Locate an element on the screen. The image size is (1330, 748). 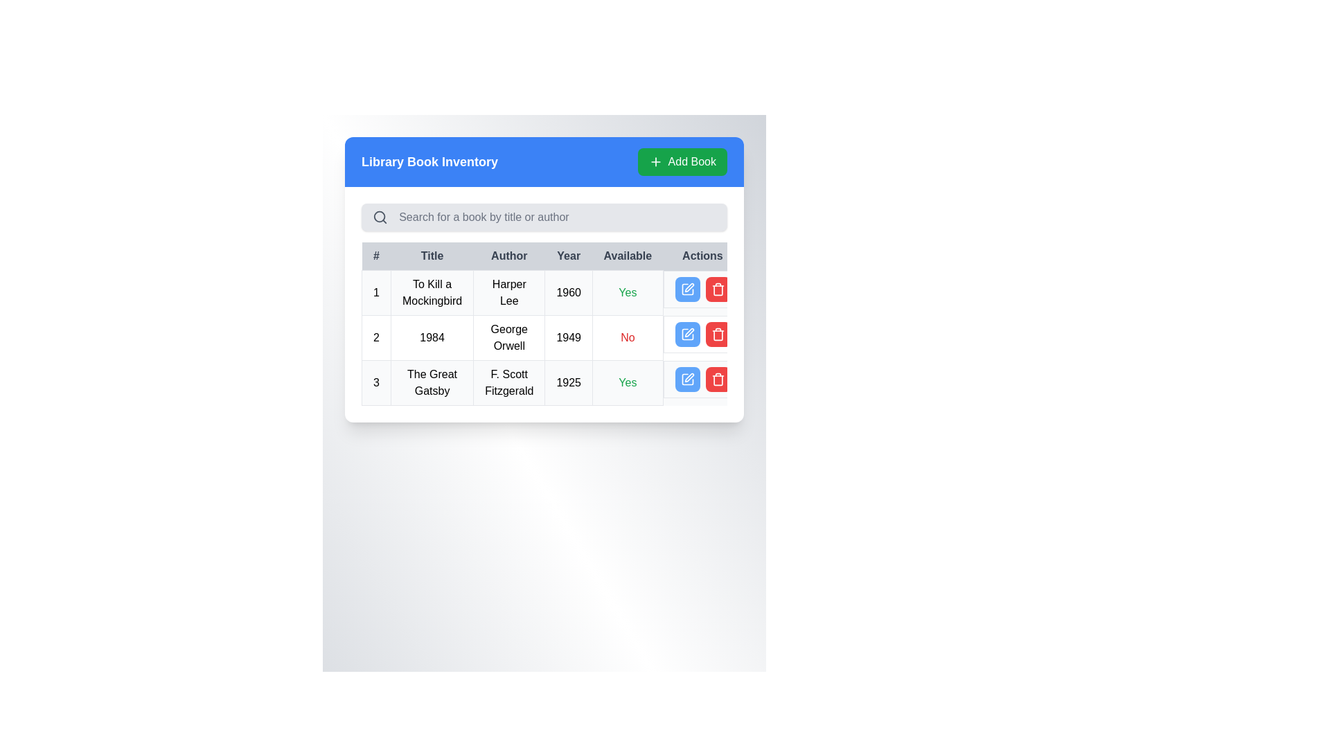
the table cell containing the text '1984' in the 'Title' column of the second row is located at coordinates (432, 338).